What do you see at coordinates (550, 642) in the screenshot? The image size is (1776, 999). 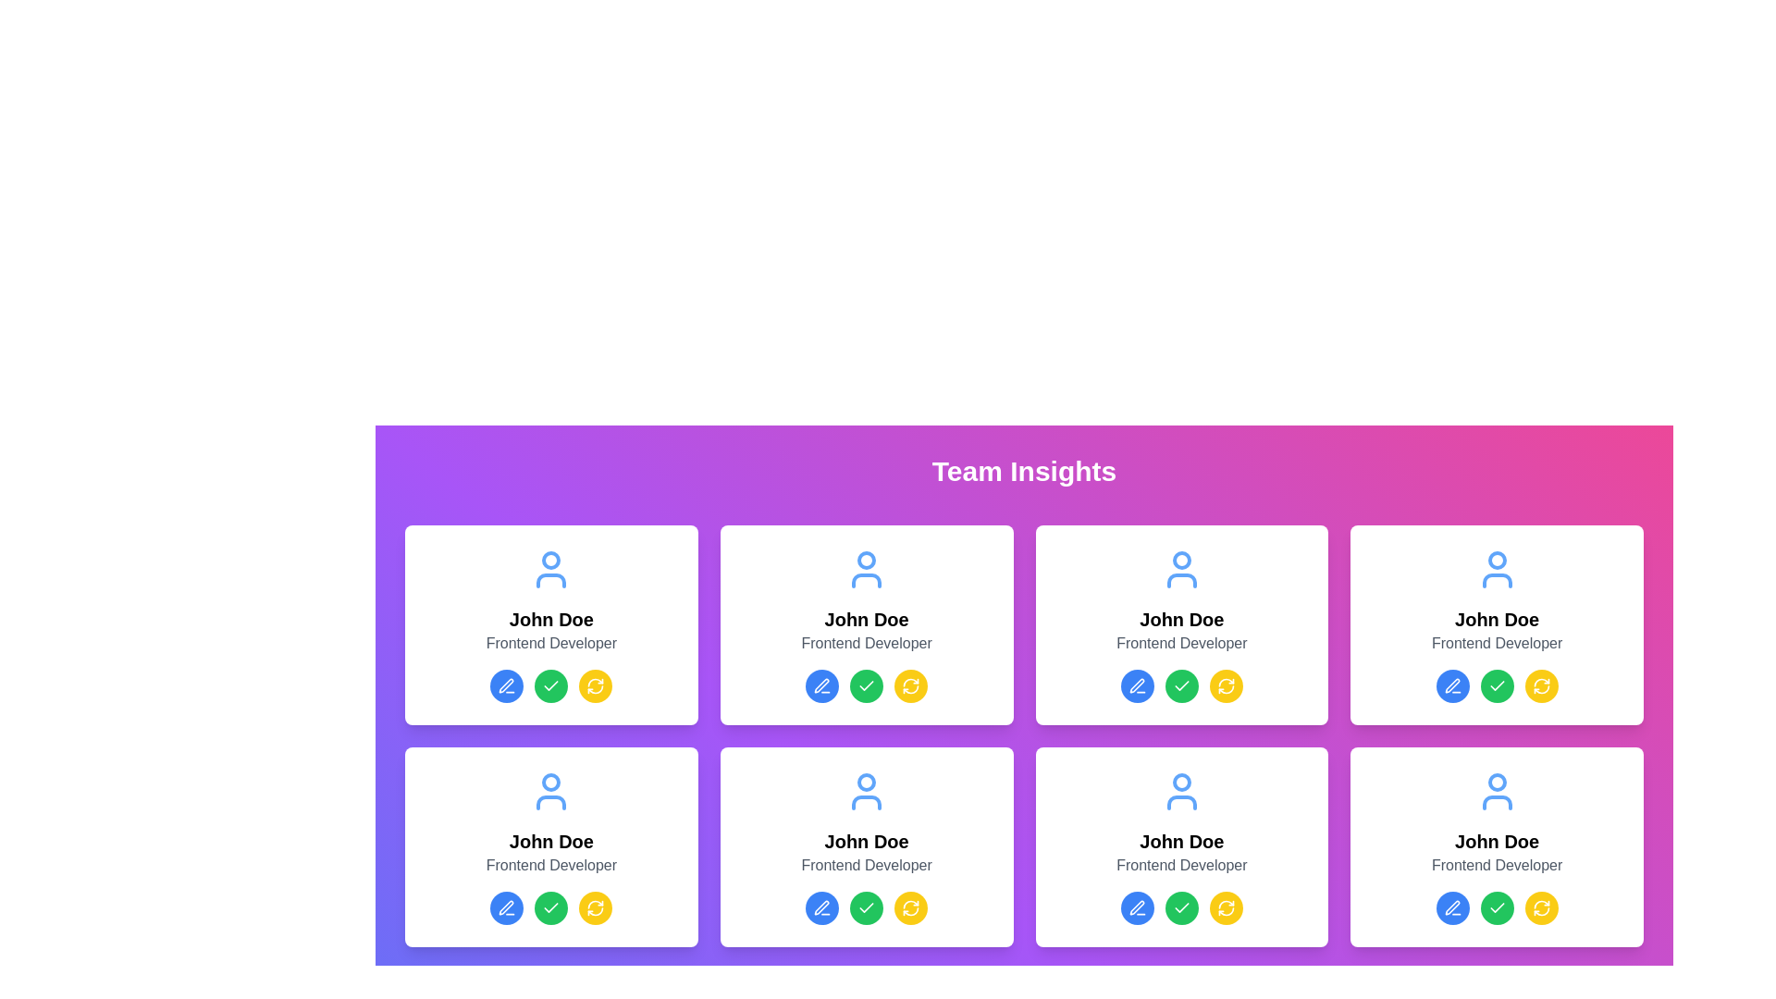 I see `the static text label reading 'Frontend Developer', which is styled in gray and located beneath the bold name 'John Doe' within the card layout` at bounding box center [550, 642].